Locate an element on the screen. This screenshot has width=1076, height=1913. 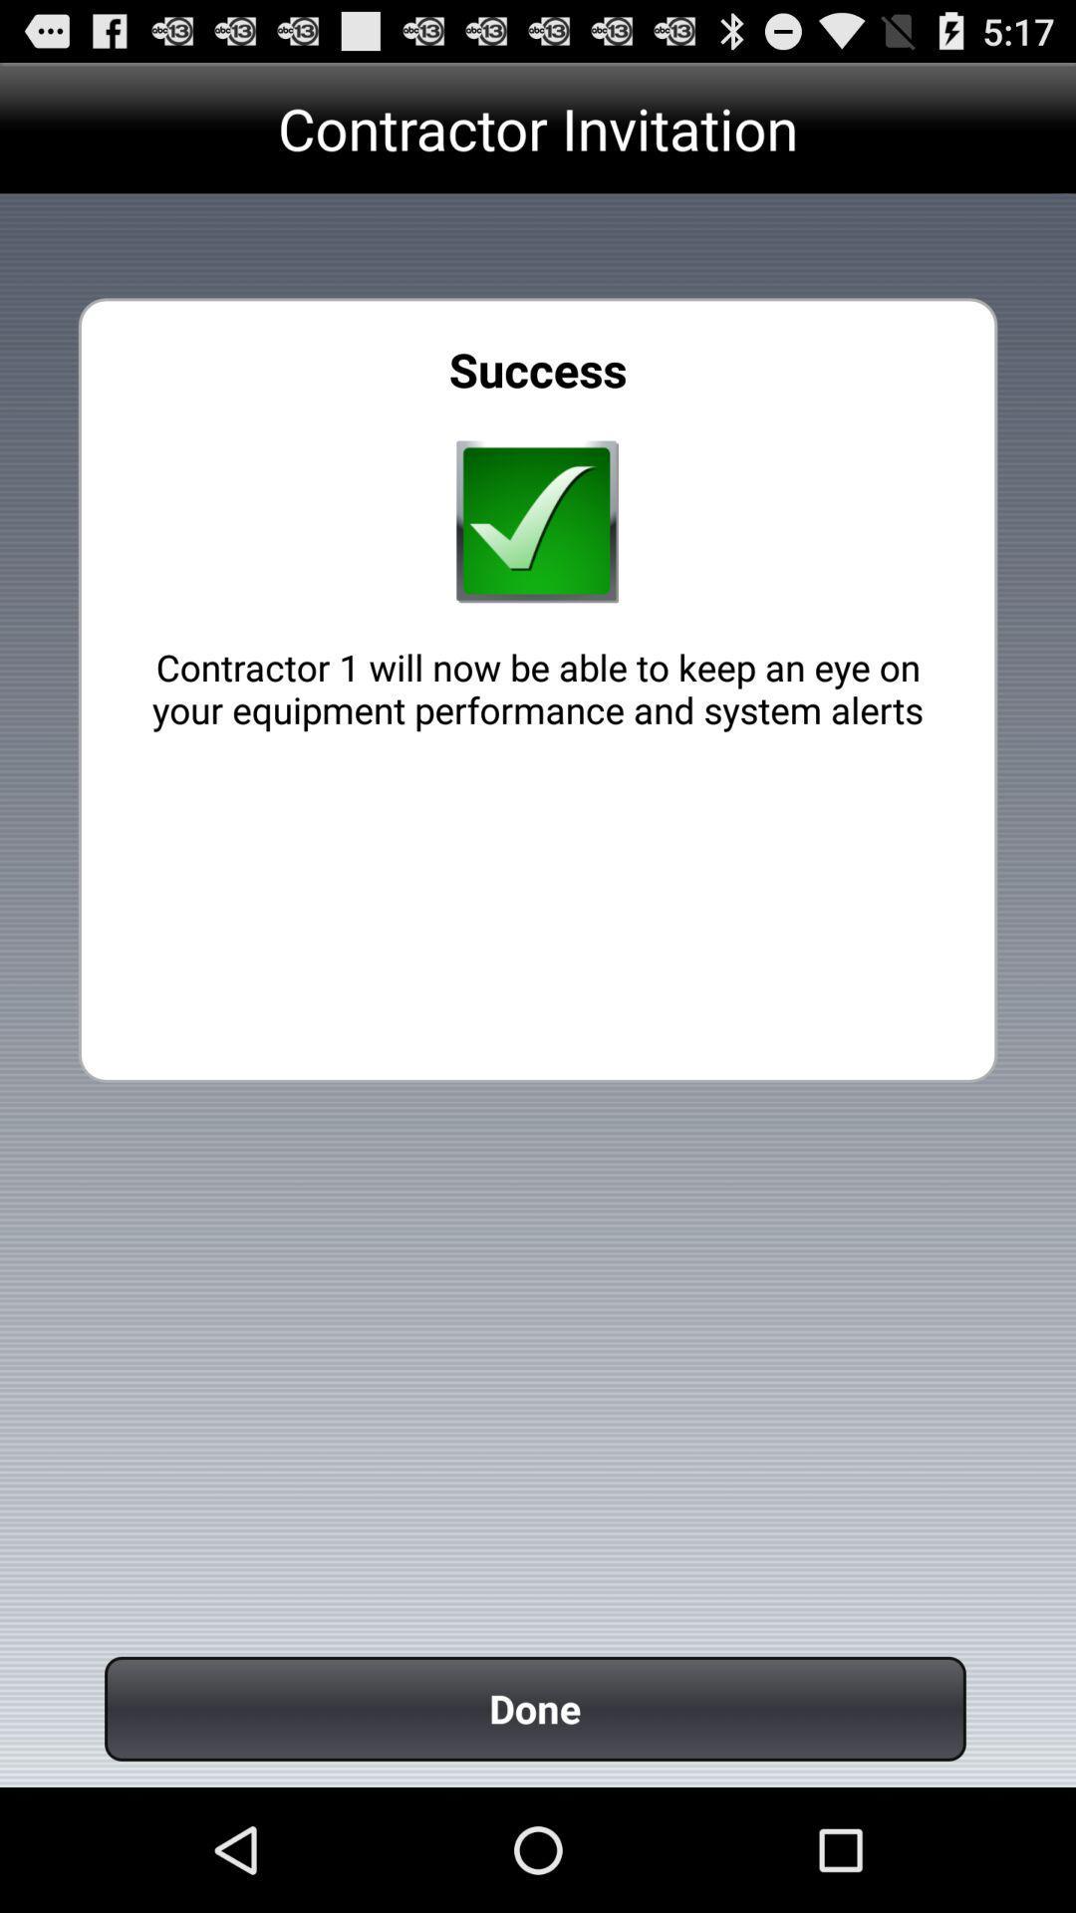
the icon below contractor 1 will icon is located at coordinates (534, 1708).